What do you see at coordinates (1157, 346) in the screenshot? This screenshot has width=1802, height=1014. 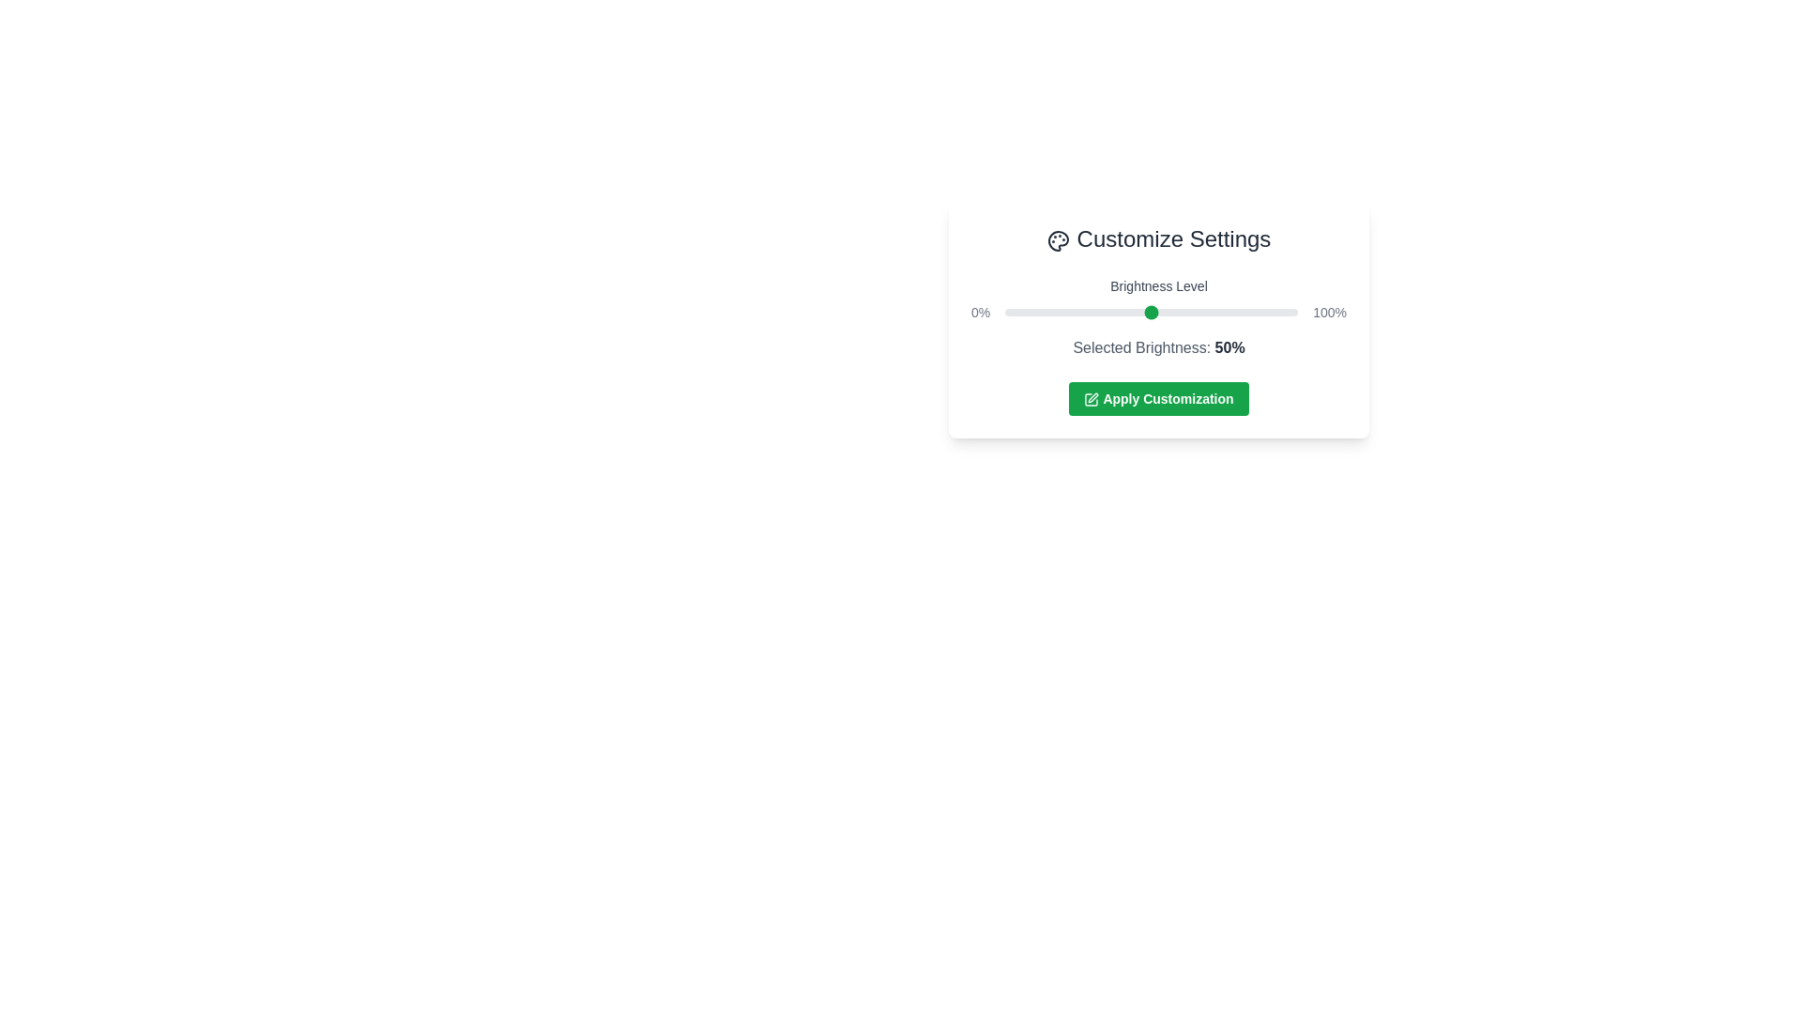 I see `the apply button in the Interactive section of the 'Customize Settings' card to apply the brightness settings` at bounding box center [1157, 346].